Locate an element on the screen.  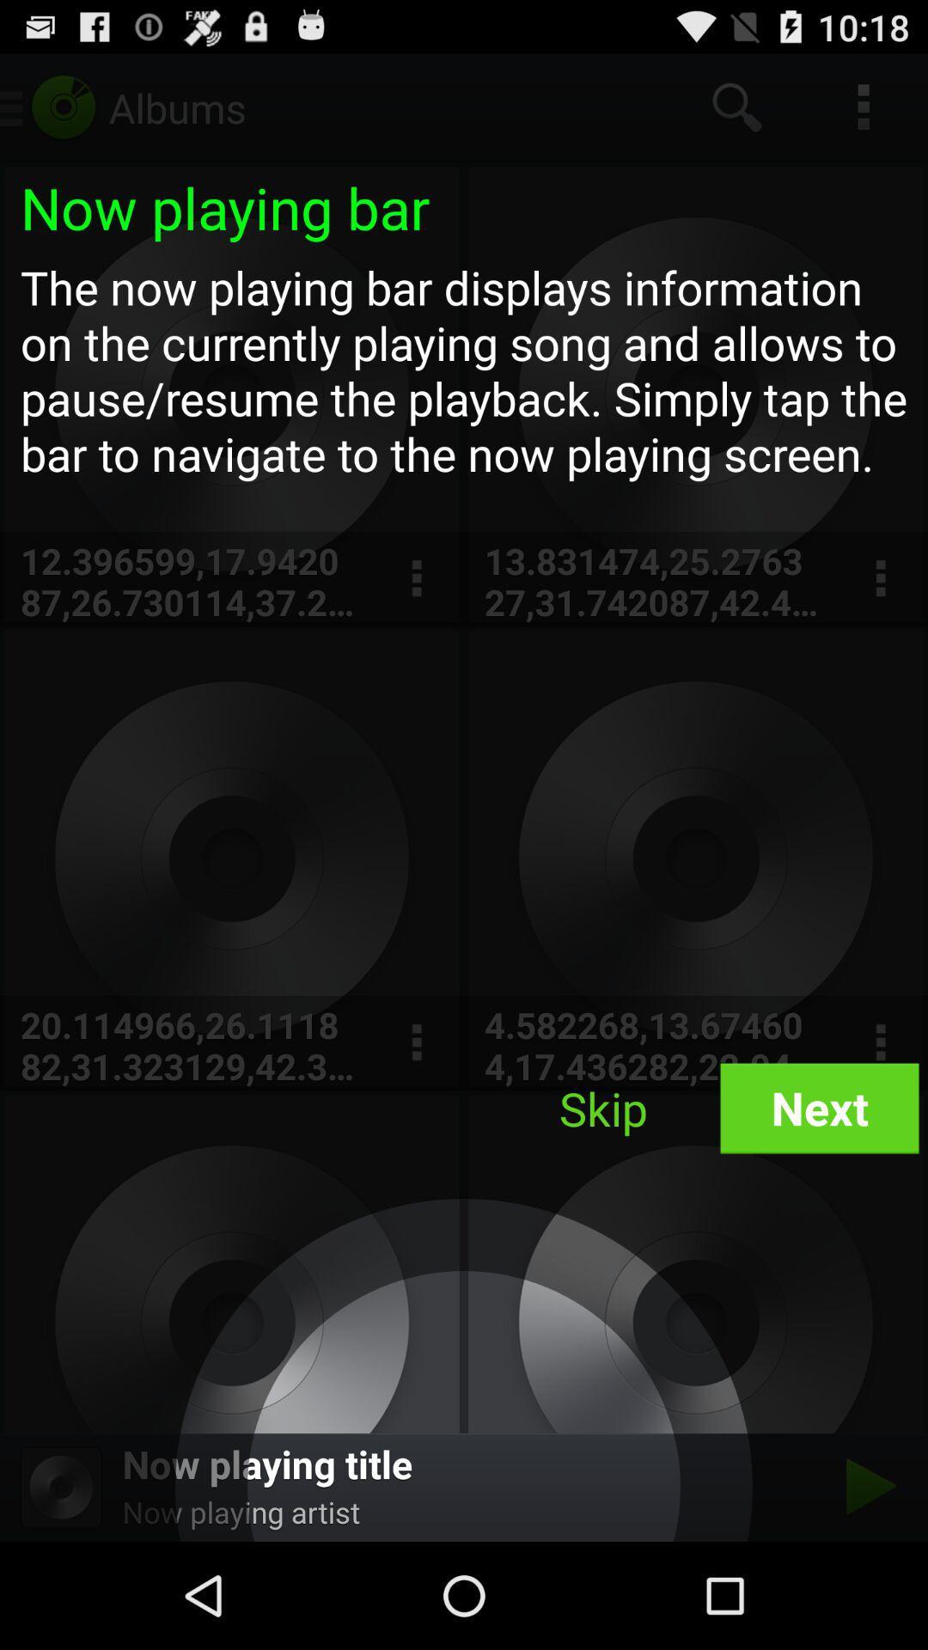
options is located at coordinates (416, 1042).